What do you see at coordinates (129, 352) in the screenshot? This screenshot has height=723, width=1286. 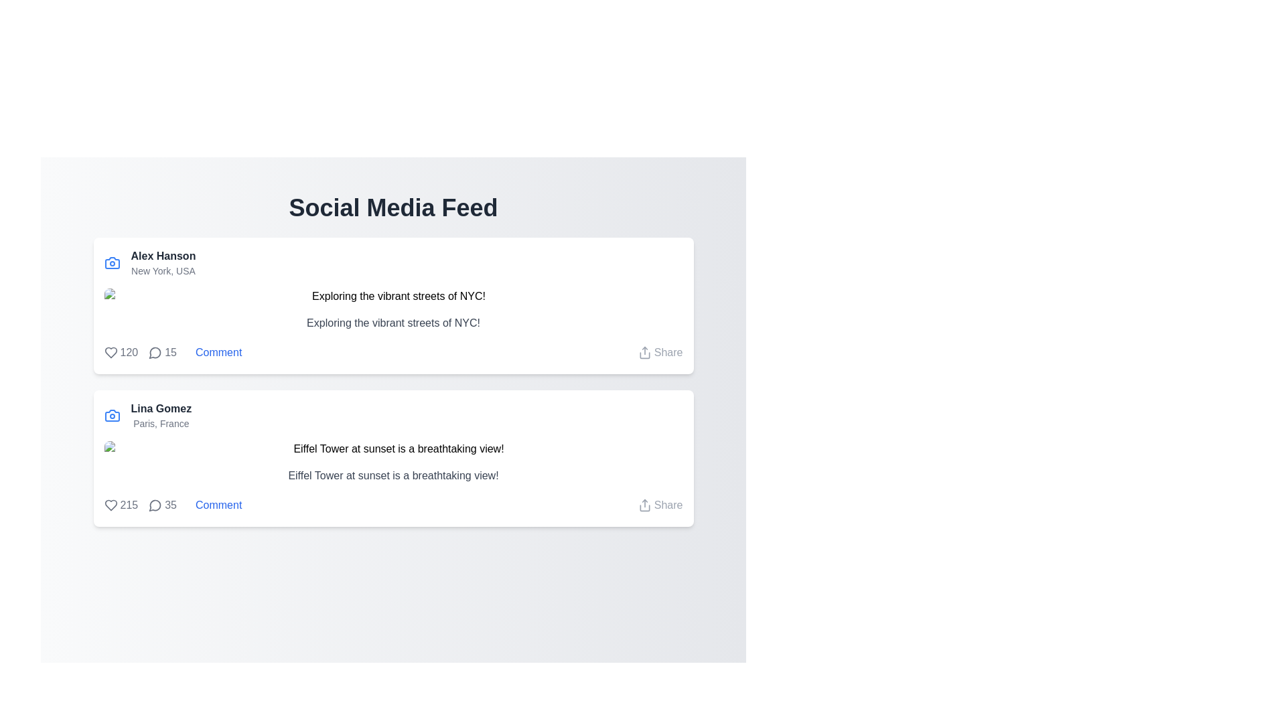 I see `the text label displaying the number of likes for the first post` at bounding box center [129, 352].